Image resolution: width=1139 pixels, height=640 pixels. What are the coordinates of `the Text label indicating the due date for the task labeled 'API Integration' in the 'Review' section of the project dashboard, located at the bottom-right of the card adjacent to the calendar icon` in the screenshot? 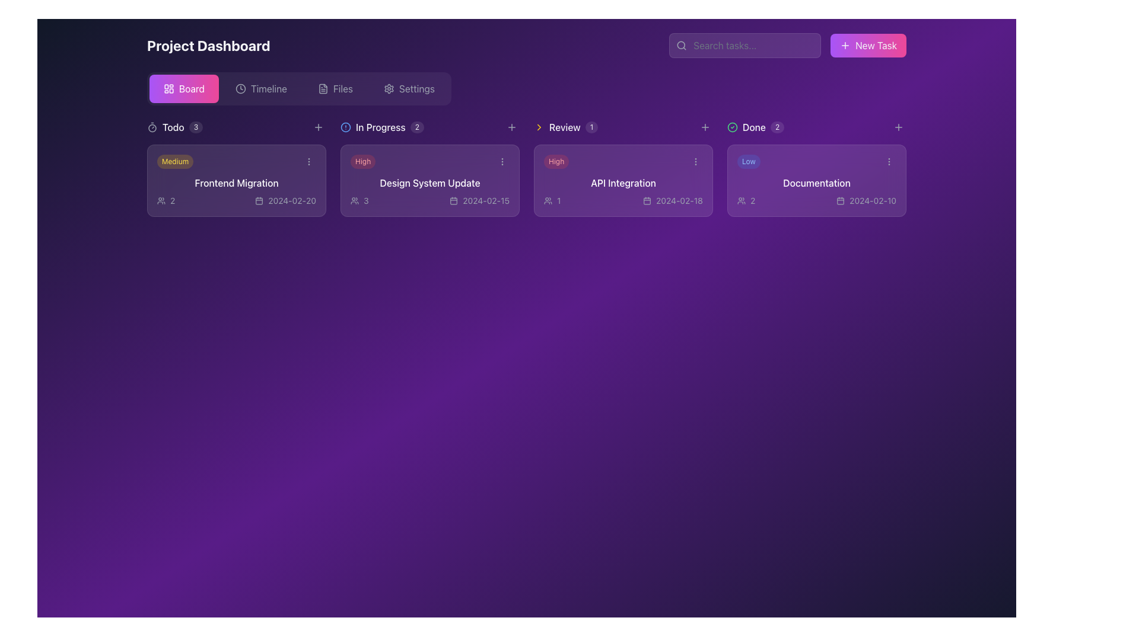 It's located at (679, 200).